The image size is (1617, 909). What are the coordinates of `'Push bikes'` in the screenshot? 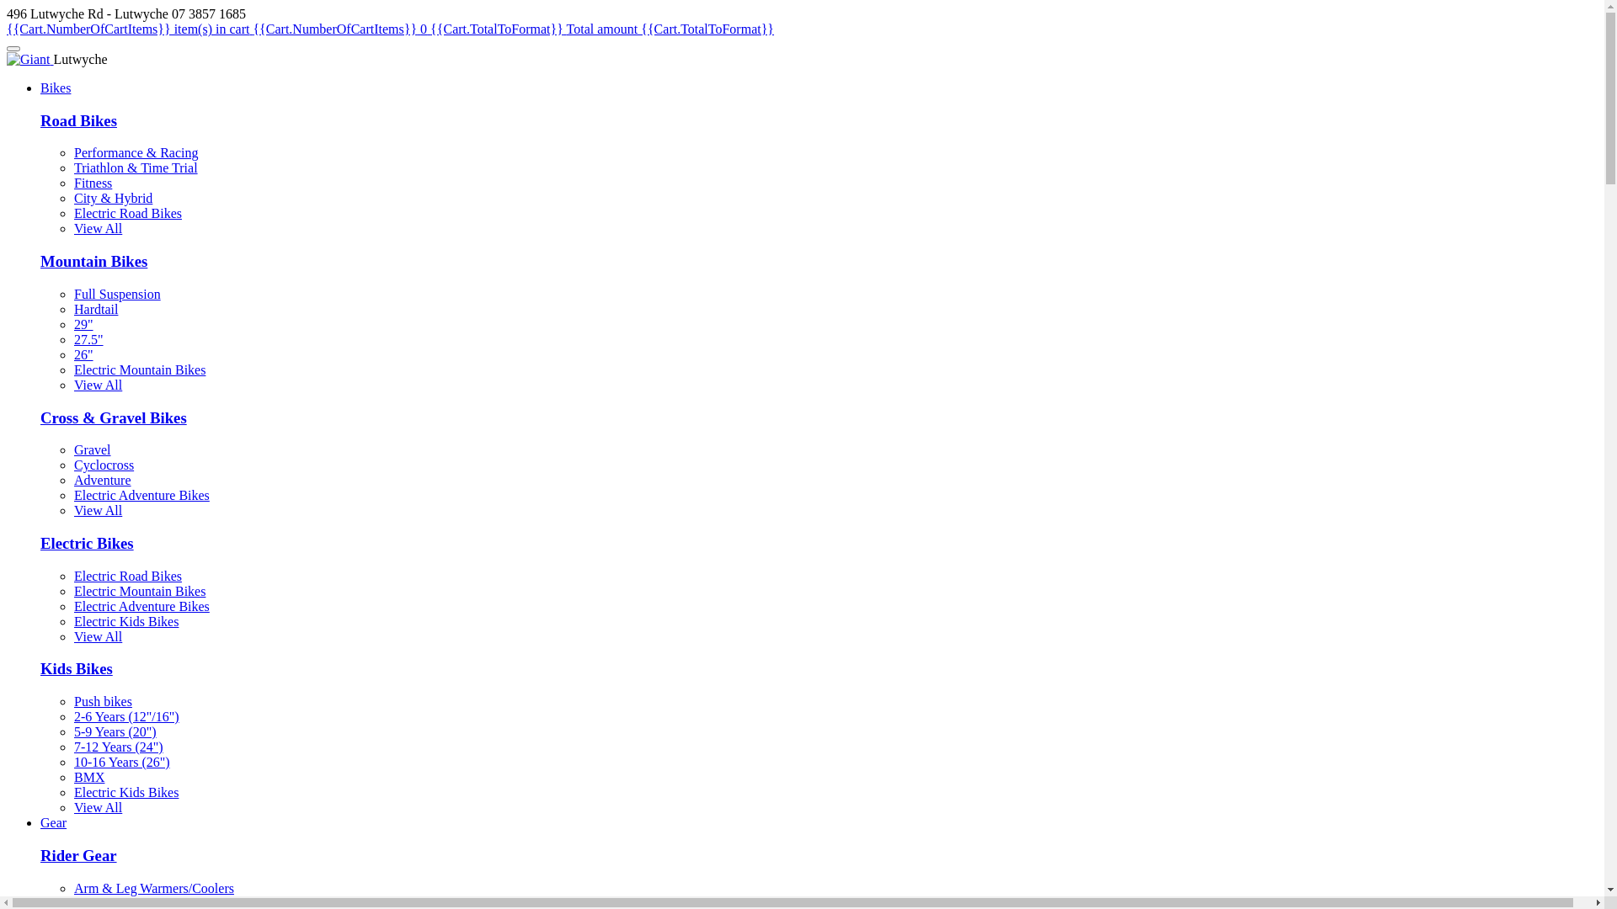 It's located at (102, 701).